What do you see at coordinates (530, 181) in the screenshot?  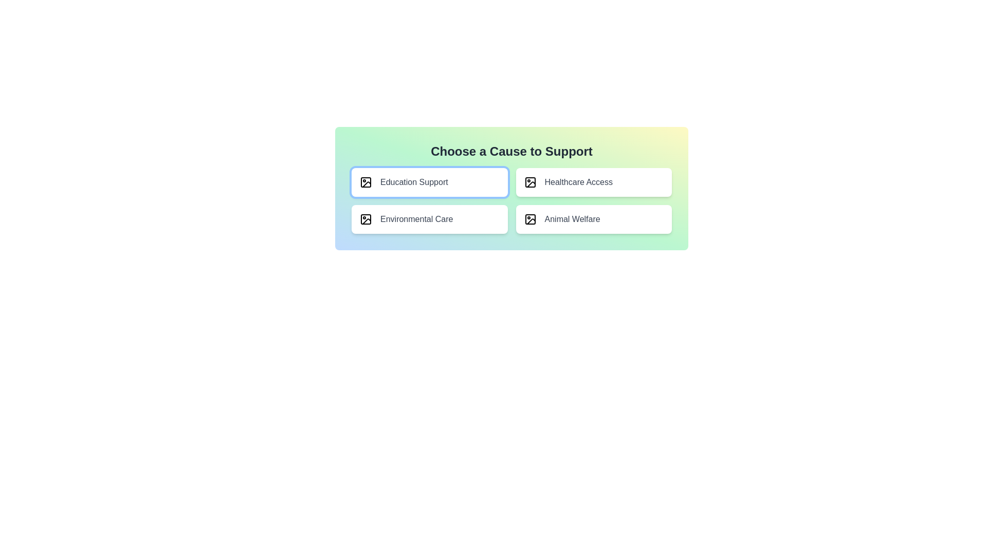 I see `the icon located to the immediate left of the text 'Healthcare Access' in the second column of the grid structure` at bounding box center [530, 181].